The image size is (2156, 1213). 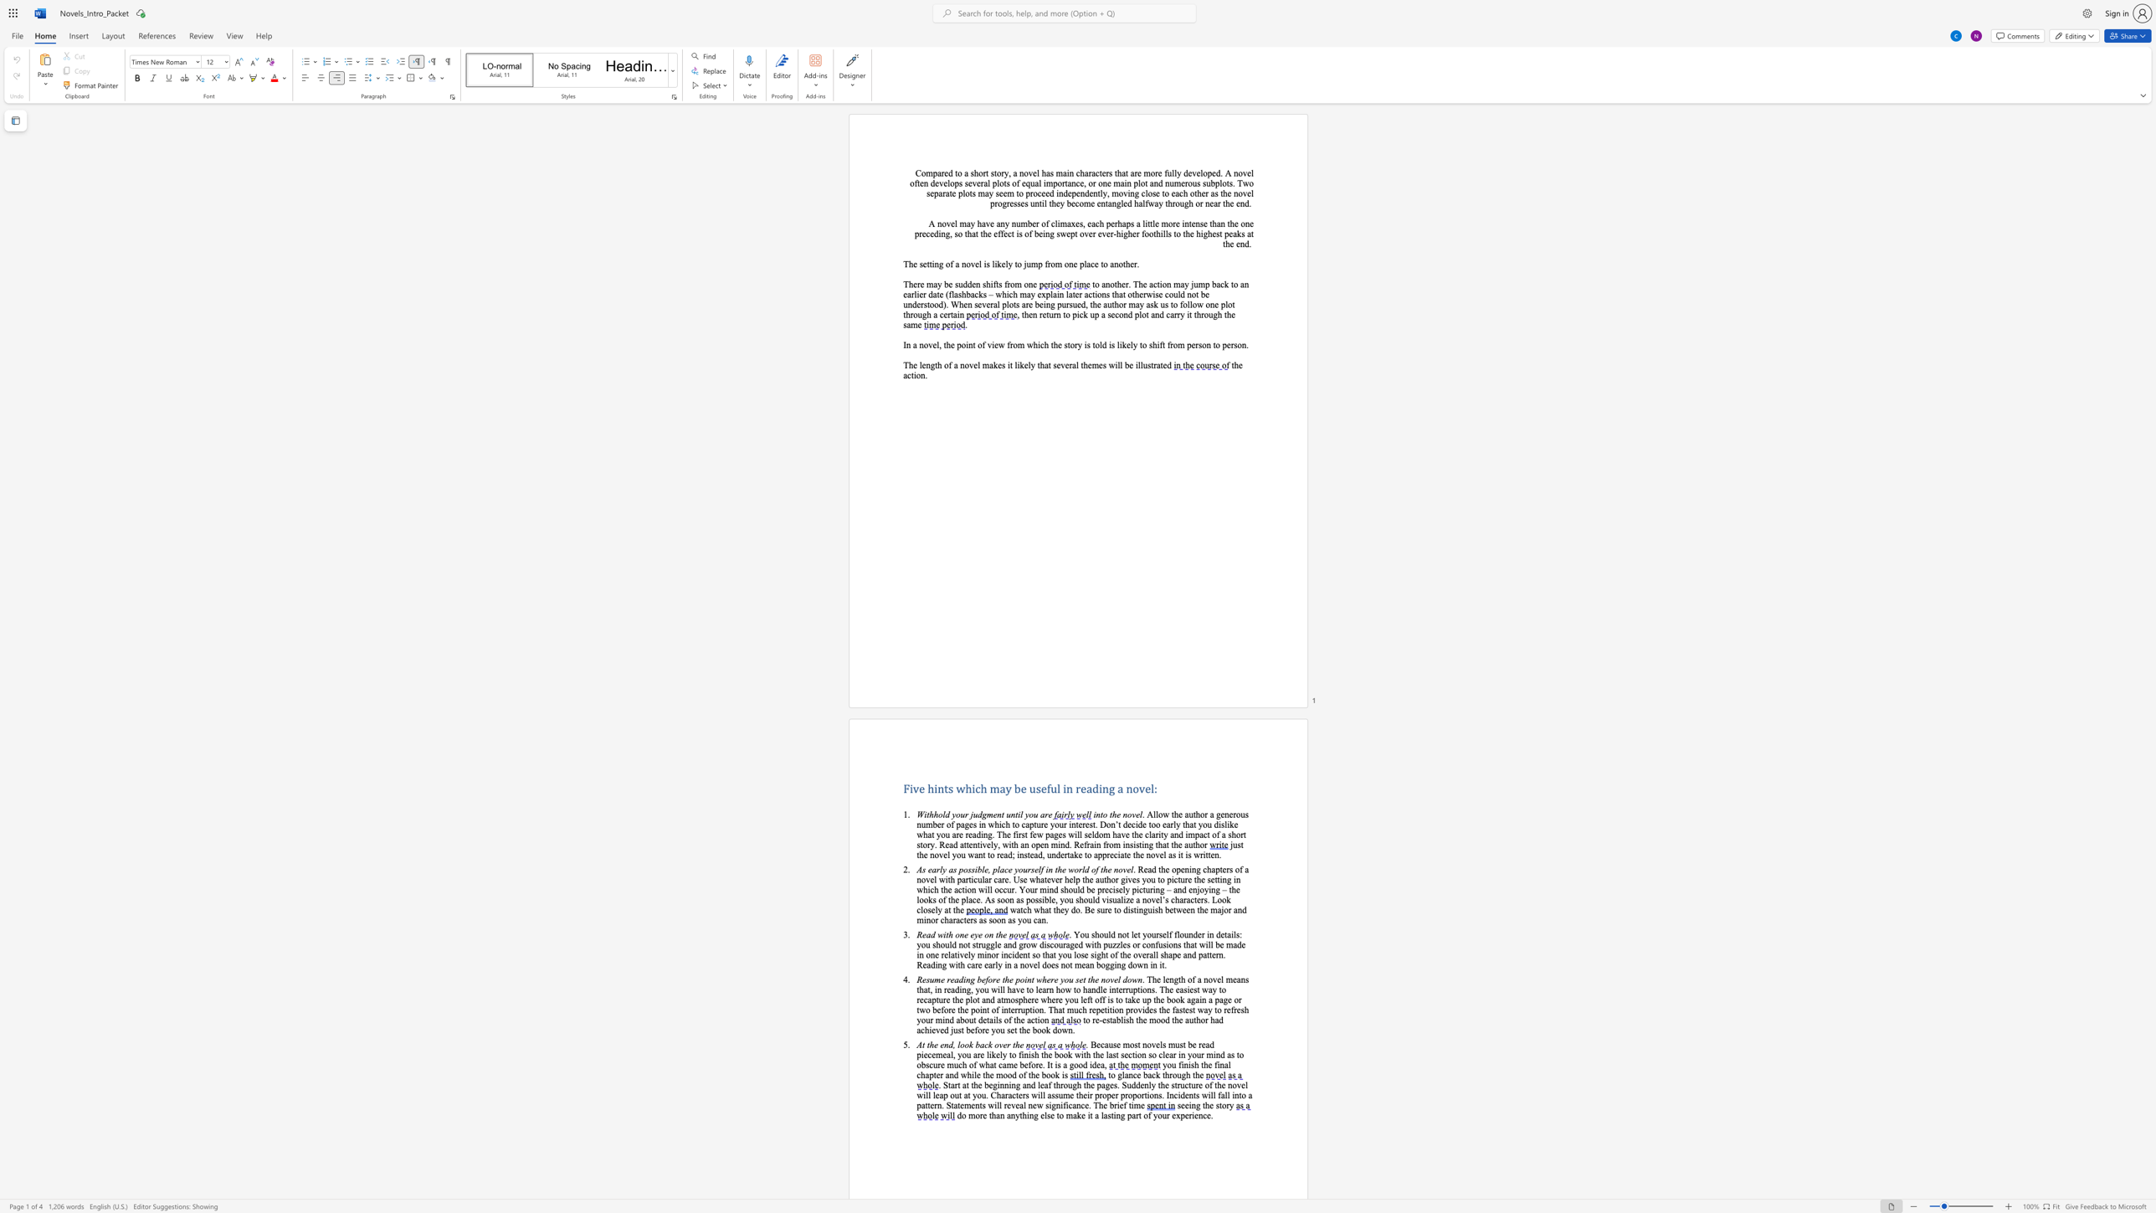 What do you see at coordinates (1043, 203) in the screenshot?
I see `the subset text "l they become entangled halfway through o" within the text "independently, moving close to each other as the novel progresses until they become entangled halfway through or near the end."` at bounding box center [1043, 203].